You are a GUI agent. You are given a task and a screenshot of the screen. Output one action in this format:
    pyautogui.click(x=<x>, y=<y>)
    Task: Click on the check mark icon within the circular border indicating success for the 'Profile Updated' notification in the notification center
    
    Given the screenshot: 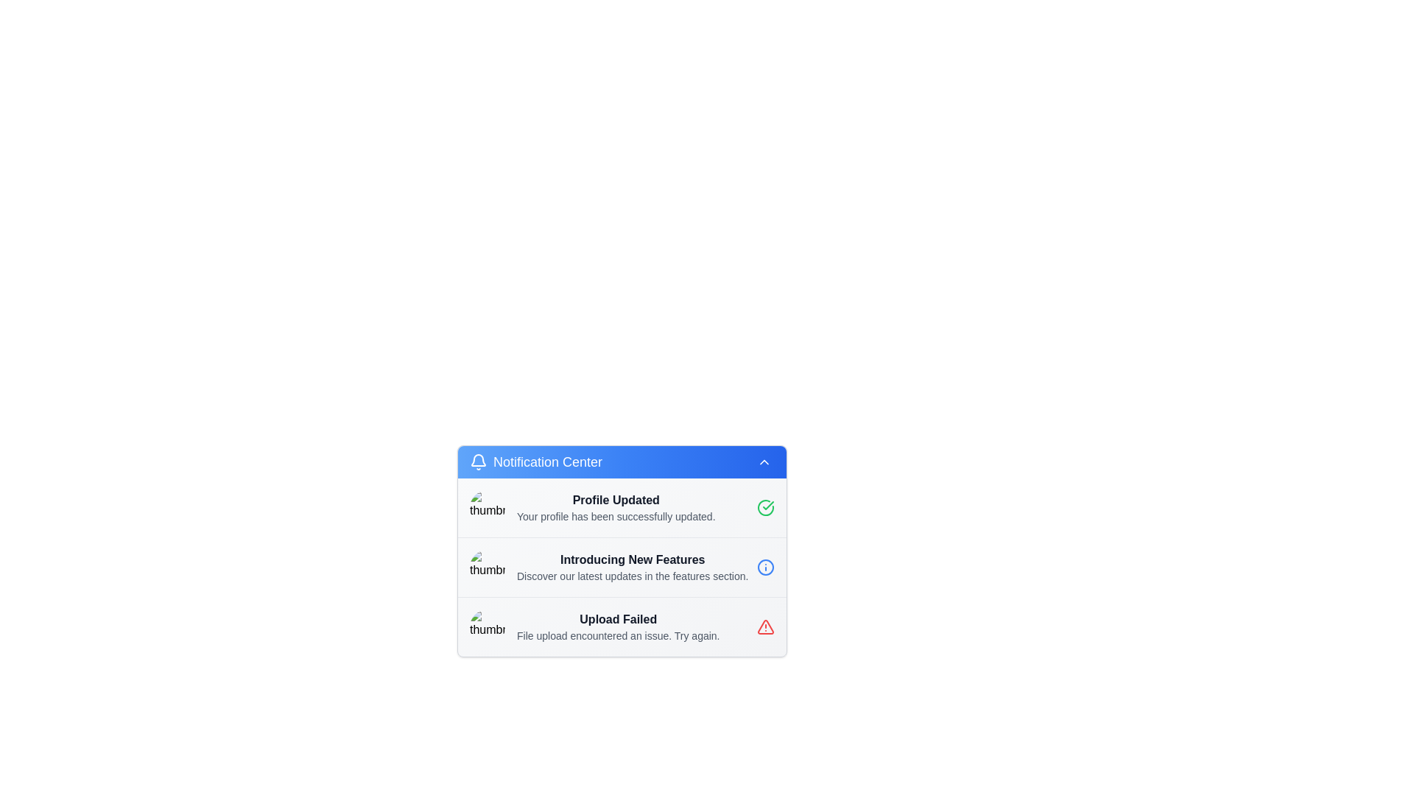 What is the action you would take?
    pyautogui.click(x=767, y=504)
    